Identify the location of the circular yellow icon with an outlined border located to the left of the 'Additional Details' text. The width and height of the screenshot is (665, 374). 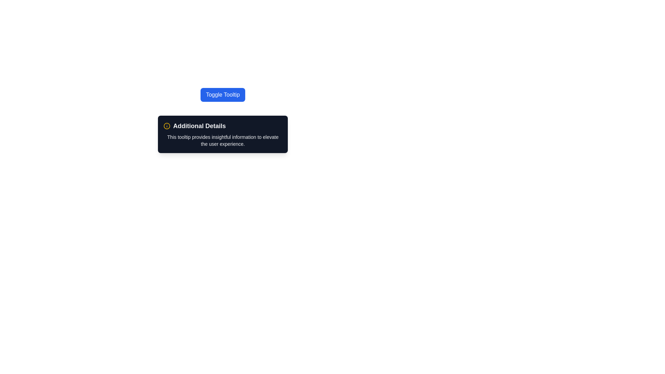
(167, 126).